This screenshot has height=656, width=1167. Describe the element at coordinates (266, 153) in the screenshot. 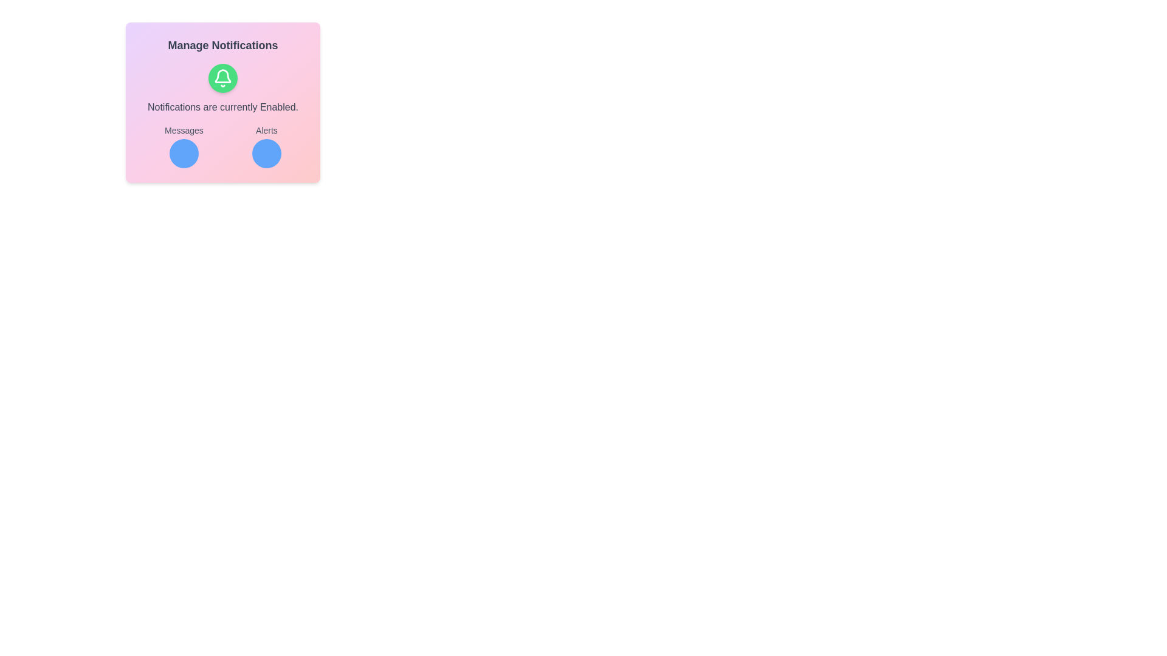

I see `the second circular blue button located in the notification interface to interact` at that location.